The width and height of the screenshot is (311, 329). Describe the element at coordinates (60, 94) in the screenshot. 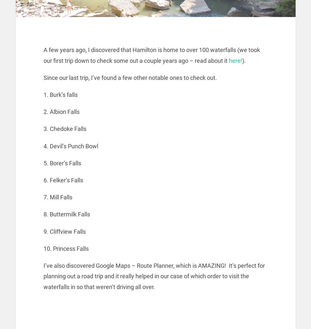

I see `'1. Burk’s falls'` at that location.